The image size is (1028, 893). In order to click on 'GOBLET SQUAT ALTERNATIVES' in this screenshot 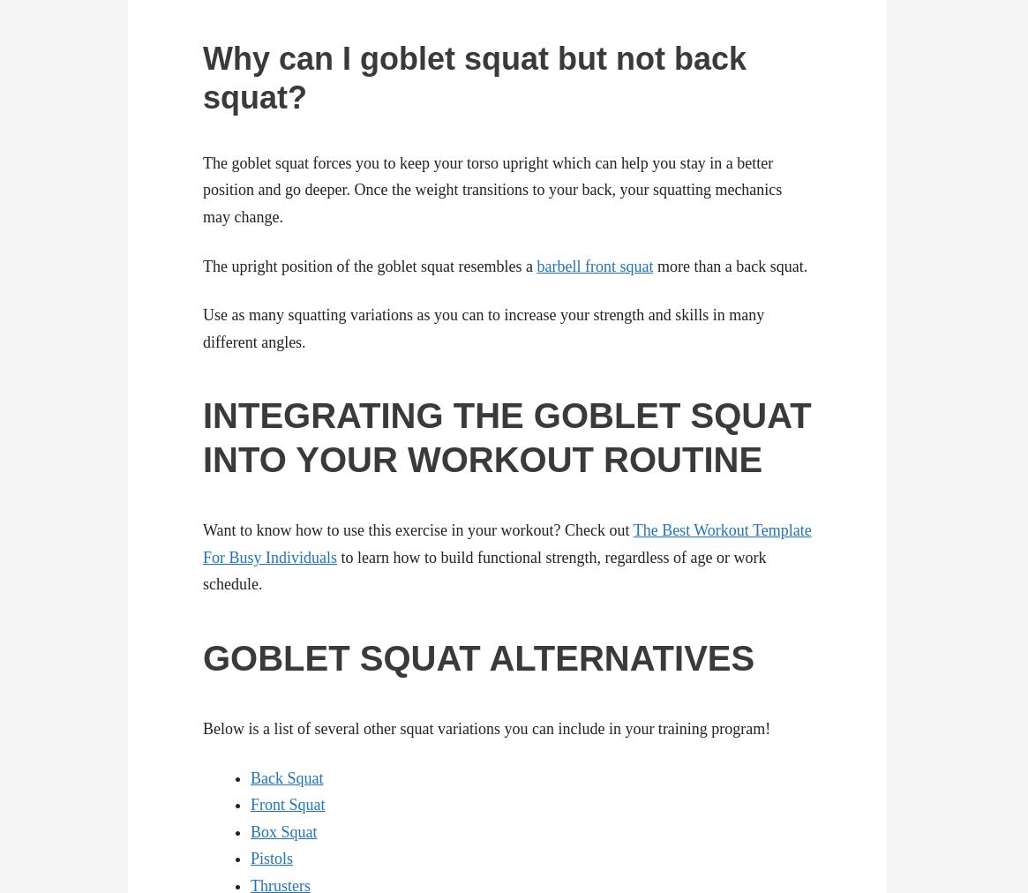, I will do `click(478, 658)`.